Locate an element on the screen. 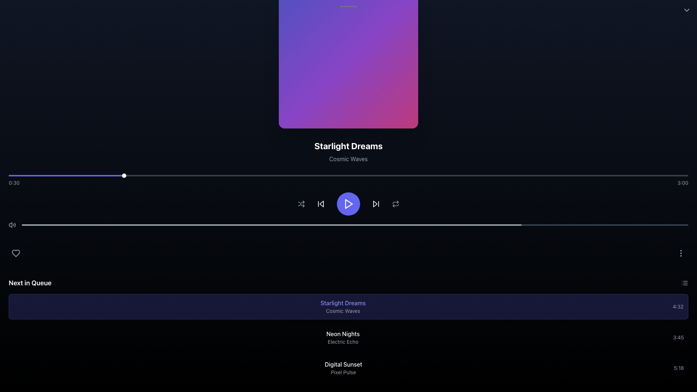 The width and height of the screenshot is (697, 392). the playback progress is located at coordinates (674, 225).